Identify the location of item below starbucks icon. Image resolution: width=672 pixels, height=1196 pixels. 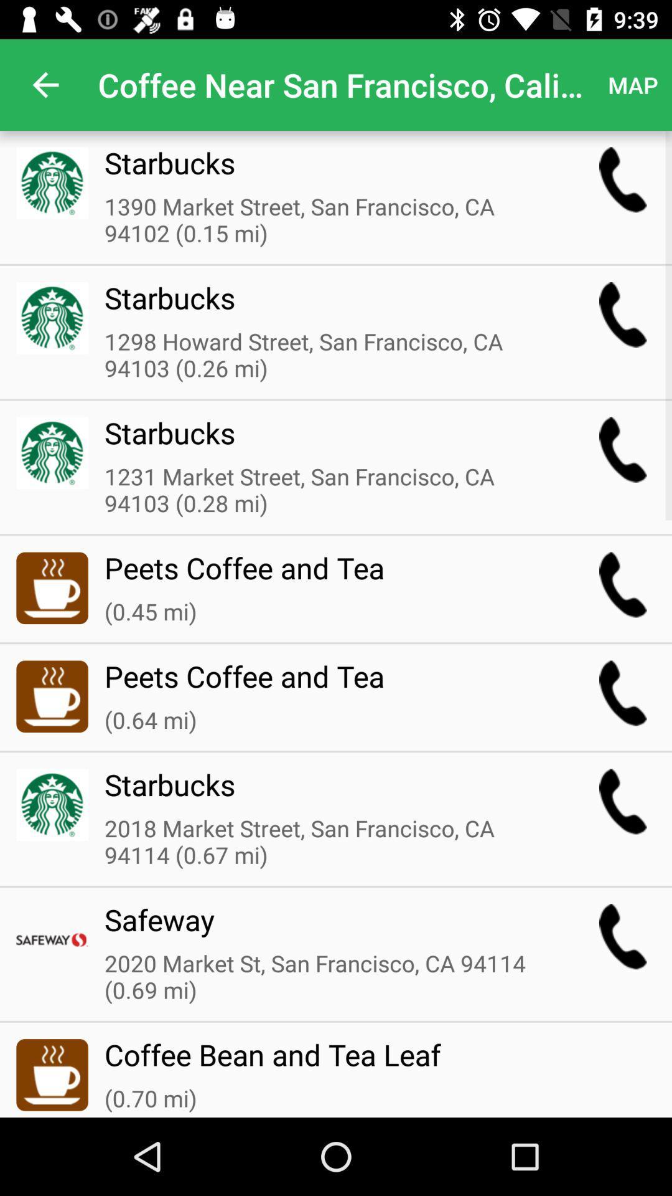
(326, 355).